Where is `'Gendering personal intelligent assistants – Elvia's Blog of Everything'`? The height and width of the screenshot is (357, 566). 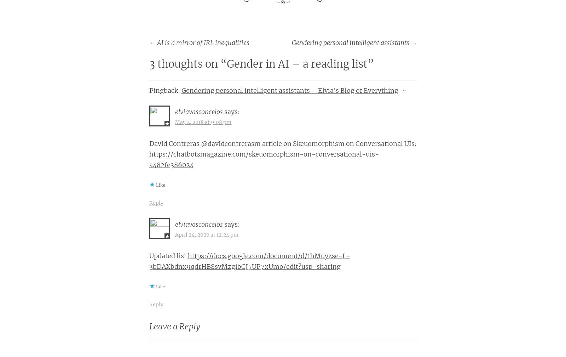 'Gendering personal intelligent assistants – Elvia's Blog of Everything' is located at coordinates (289, 90).